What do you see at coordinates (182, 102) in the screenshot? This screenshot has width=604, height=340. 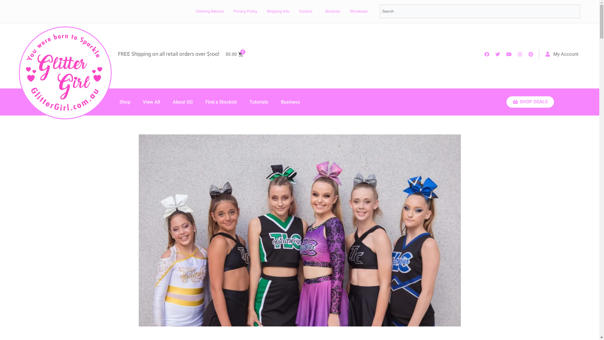 I see `'About GG'` at bounding box center [182, 102].